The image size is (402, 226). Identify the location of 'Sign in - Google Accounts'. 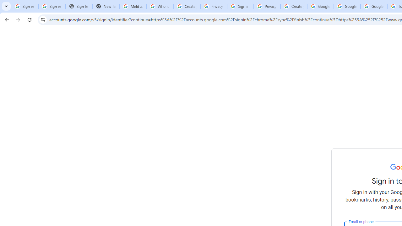
(240, 6).